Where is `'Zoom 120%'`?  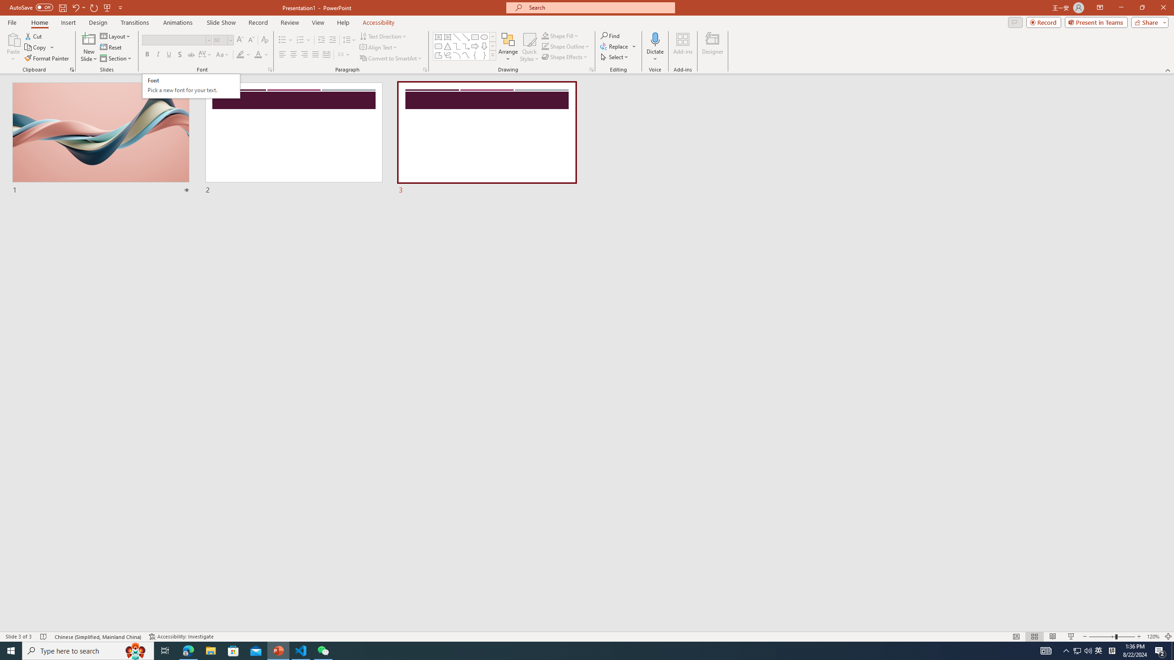
'Zoom 120%' is located at coordinates (1153, 637).